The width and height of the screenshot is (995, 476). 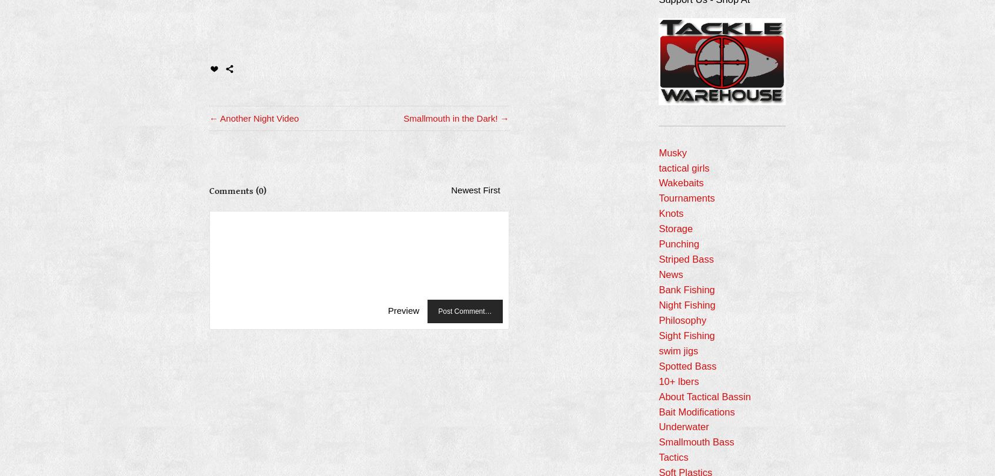 I want to click on 'Punching', so click(x=678, y=243).